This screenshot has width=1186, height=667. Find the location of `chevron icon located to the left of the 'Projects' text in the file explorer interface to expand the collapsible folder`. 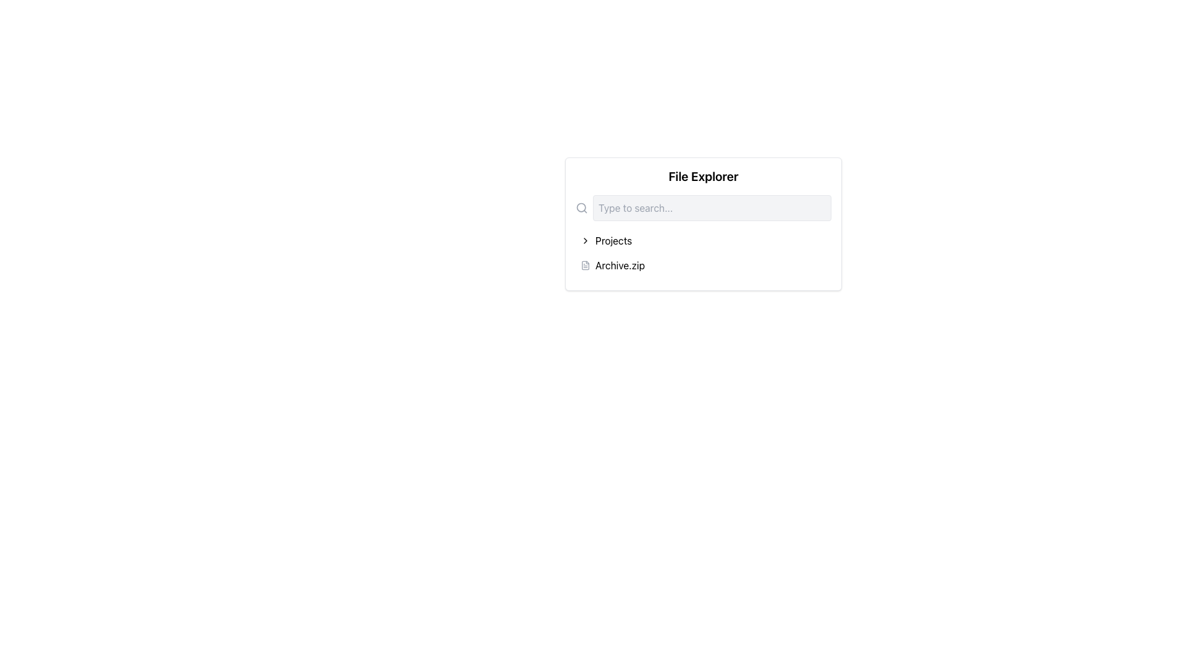

chevron icon located to the left of the 'Projects' text in the file explorer interface to expand the collapsible folder is located at coordinates (585, 240).